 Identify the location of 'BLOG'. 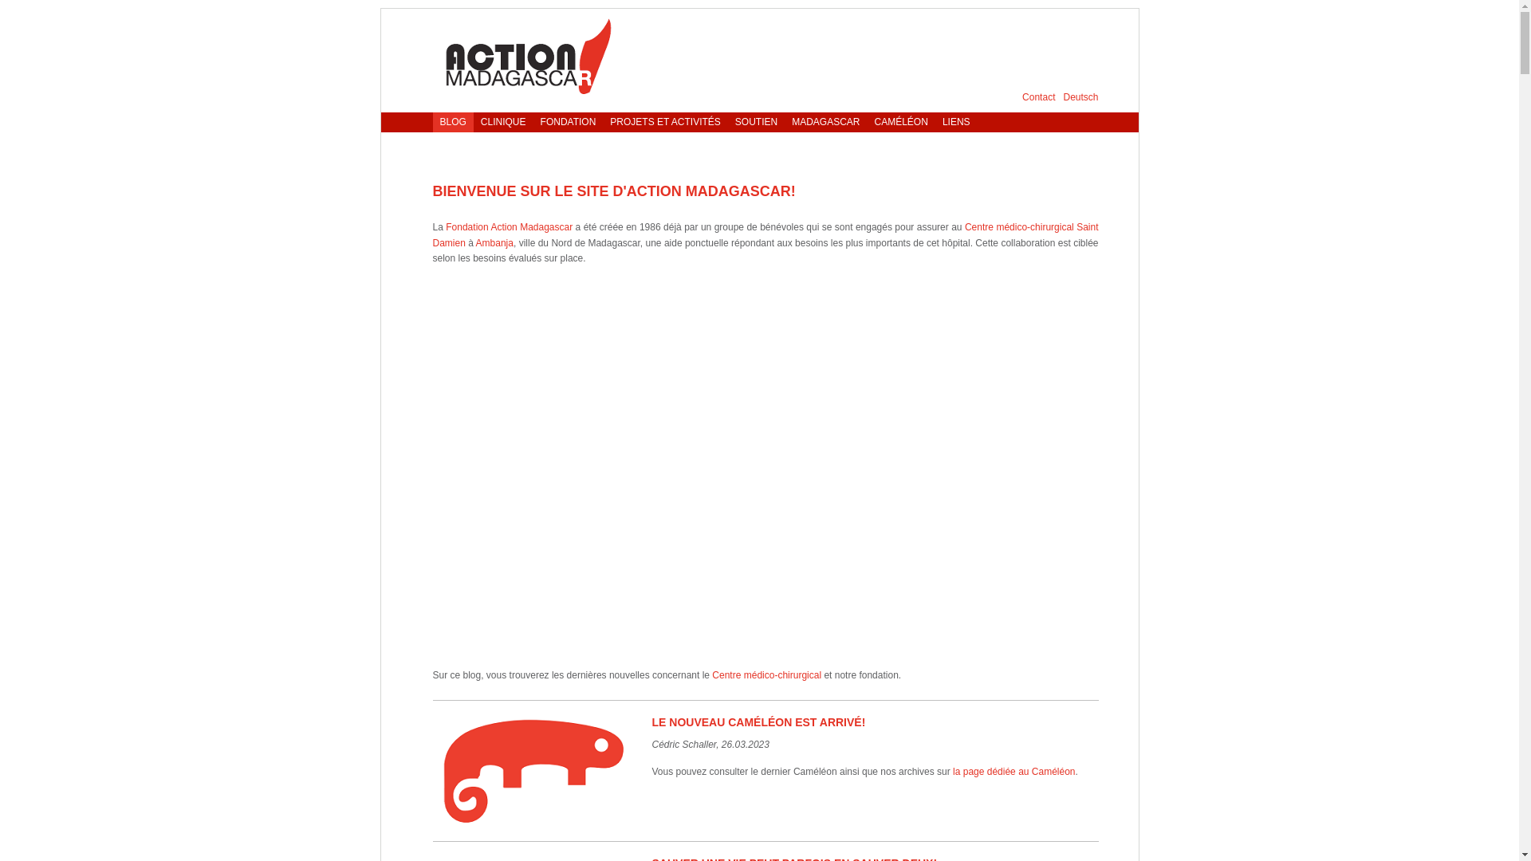
(451, 121).